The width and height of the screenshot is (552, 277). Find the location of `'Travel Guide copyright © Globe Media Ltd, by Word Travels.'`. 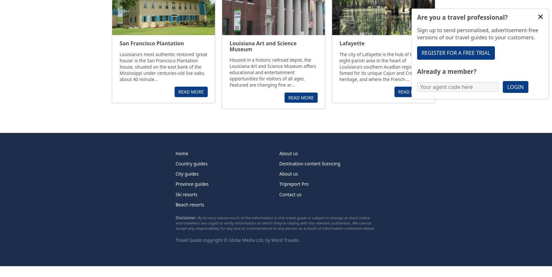

'Travel Guide copyright © Globe Media Ltd, by Word Travels.' is located at coordinates (237, 239).